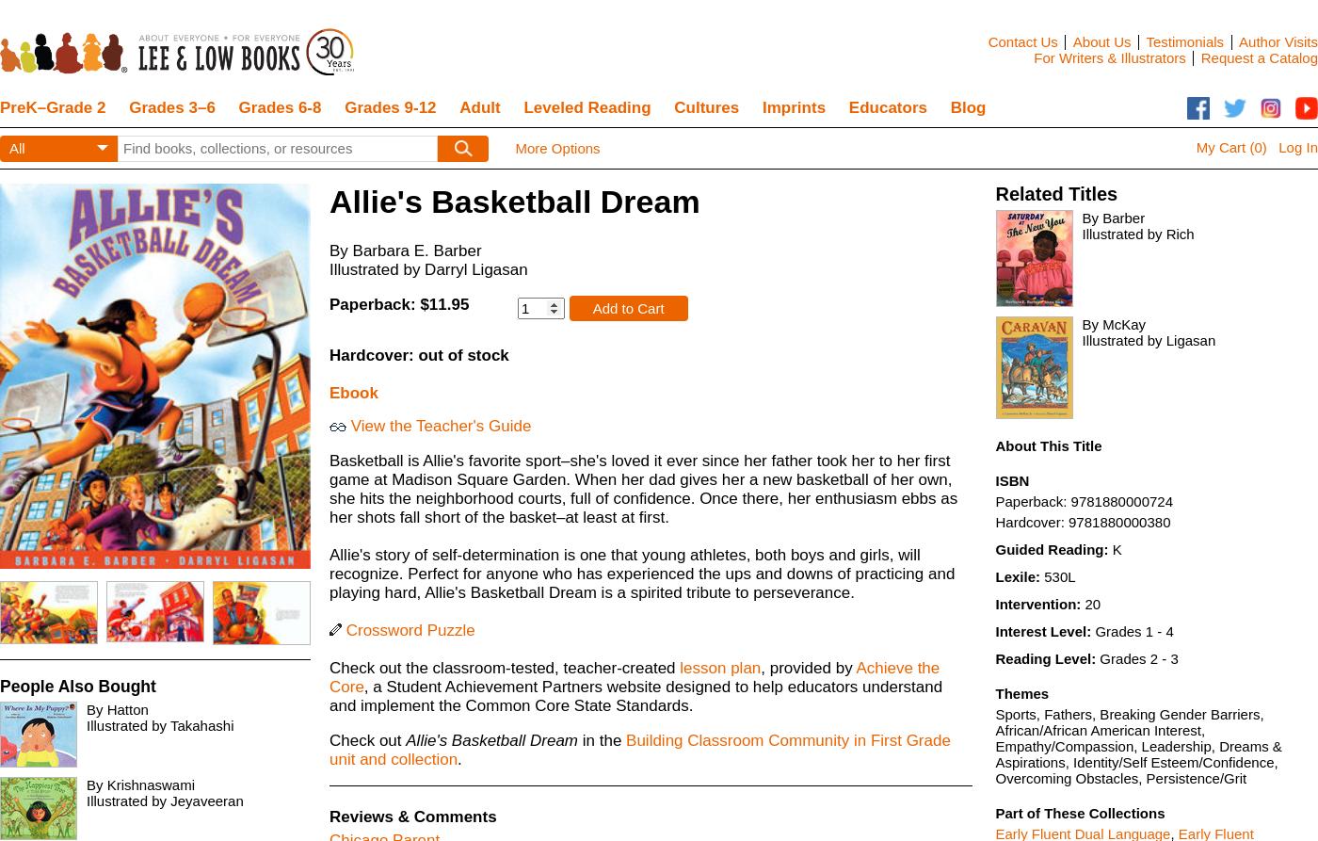 The image size is (1318, 841). What do you see at coordinates (887, 107) in the screenshot?
I see `'Educators'` at bounding box center [887, 107].